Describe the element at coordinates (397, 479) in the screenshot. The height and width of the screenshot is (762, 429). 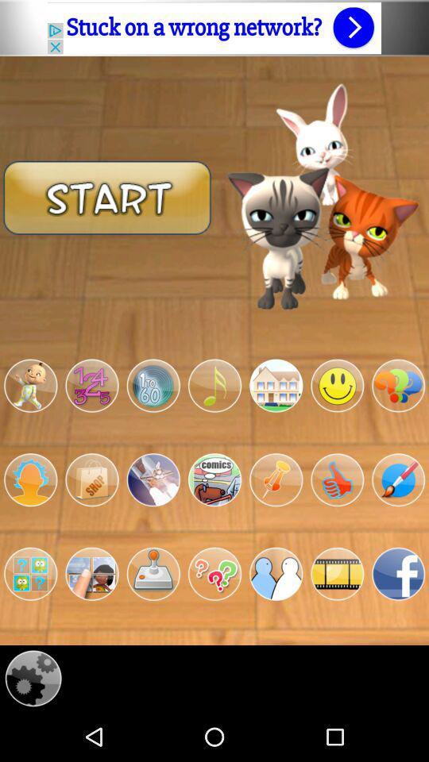
I see `painting icon above facebook icon` at that location.